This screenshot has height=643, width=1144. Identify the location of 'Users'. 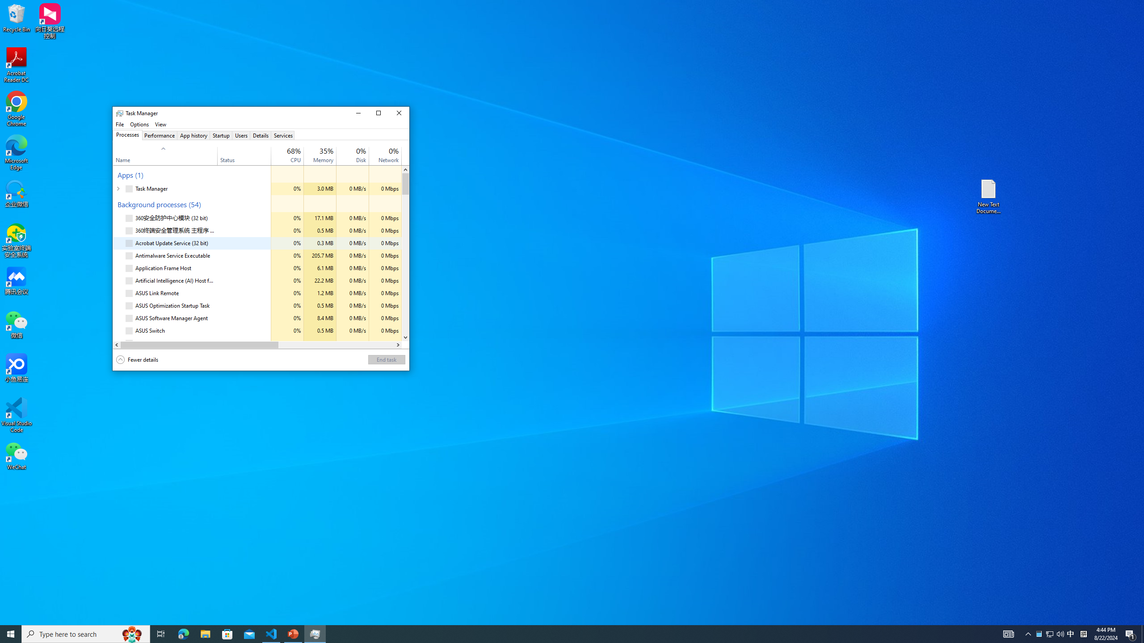
(241, 135).